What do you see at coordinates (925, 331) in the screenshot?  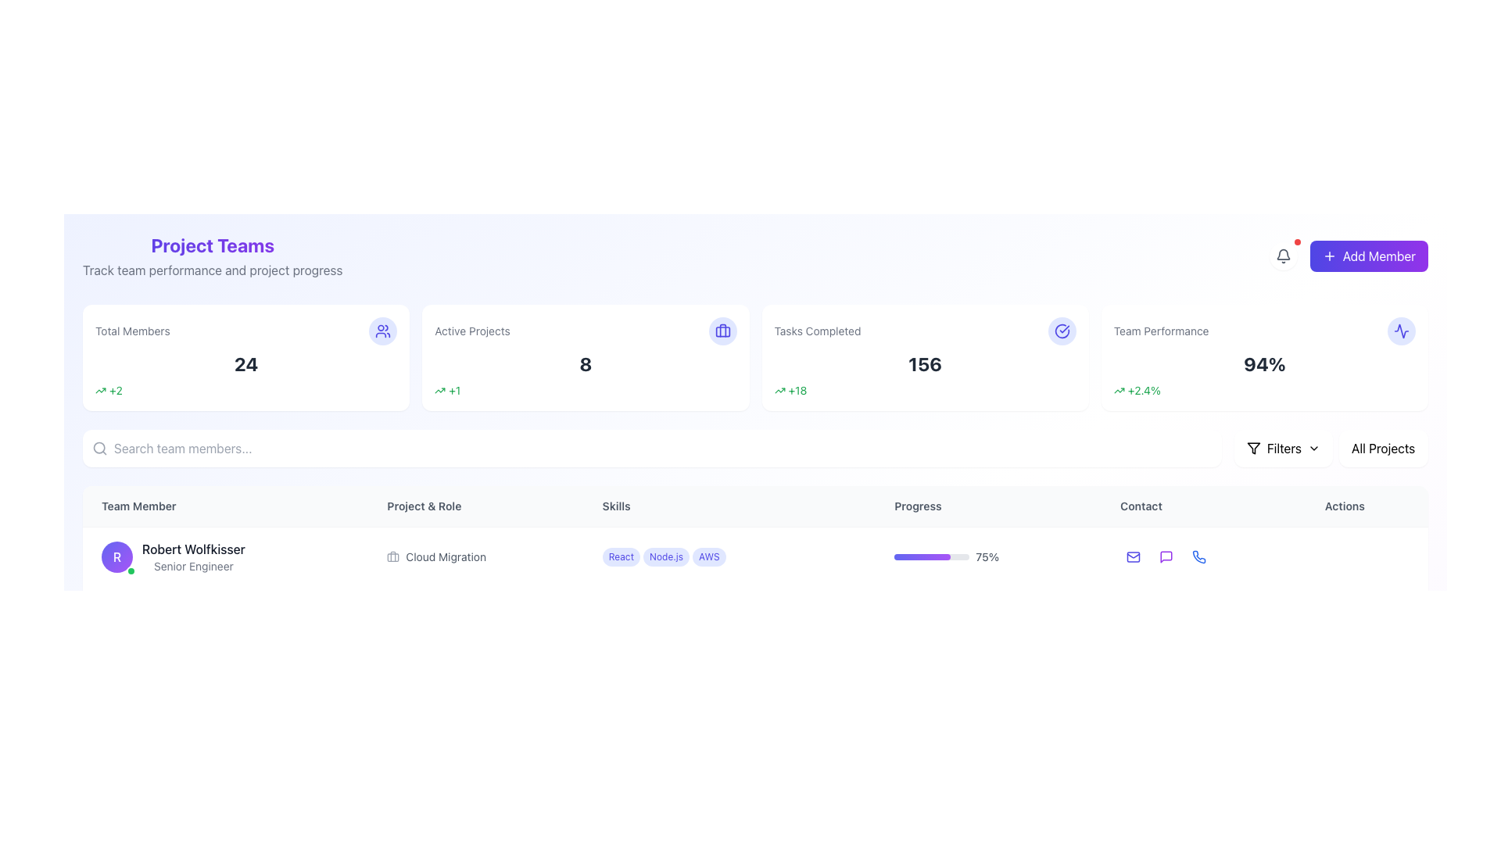 I see `informational display icon located in the second card of the horizontally stacked cards, positioned near the top center of the interface` at bounding box center [925, 331].